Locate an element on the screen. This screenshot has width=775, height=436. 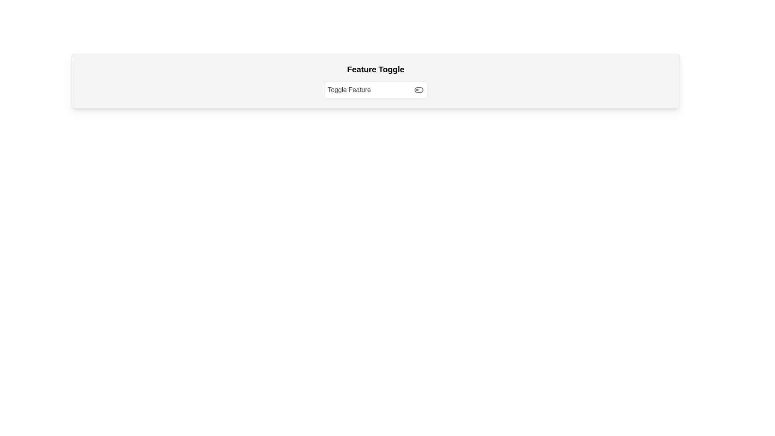
the rectangular graphical component with rounded corners that serves as a background element within the toggle switch layout is located at coordinates (419, 90).